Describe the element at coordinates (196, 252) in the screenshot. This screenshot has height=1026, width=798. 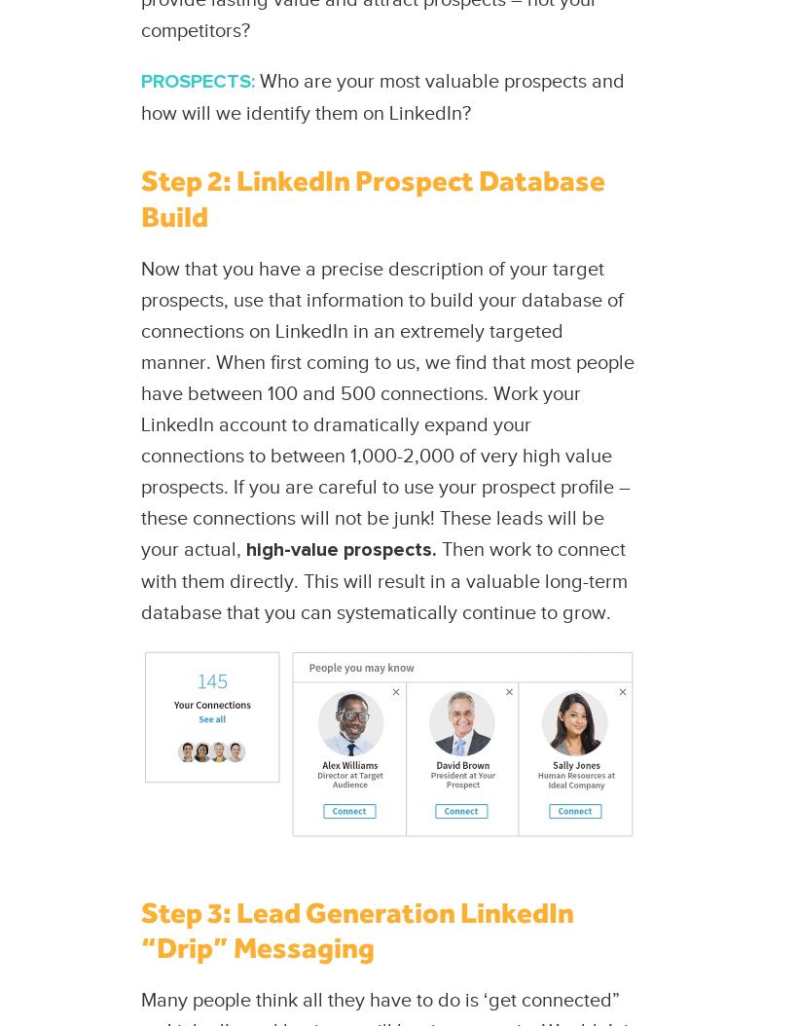
I see `'Portfolio'` at that location.